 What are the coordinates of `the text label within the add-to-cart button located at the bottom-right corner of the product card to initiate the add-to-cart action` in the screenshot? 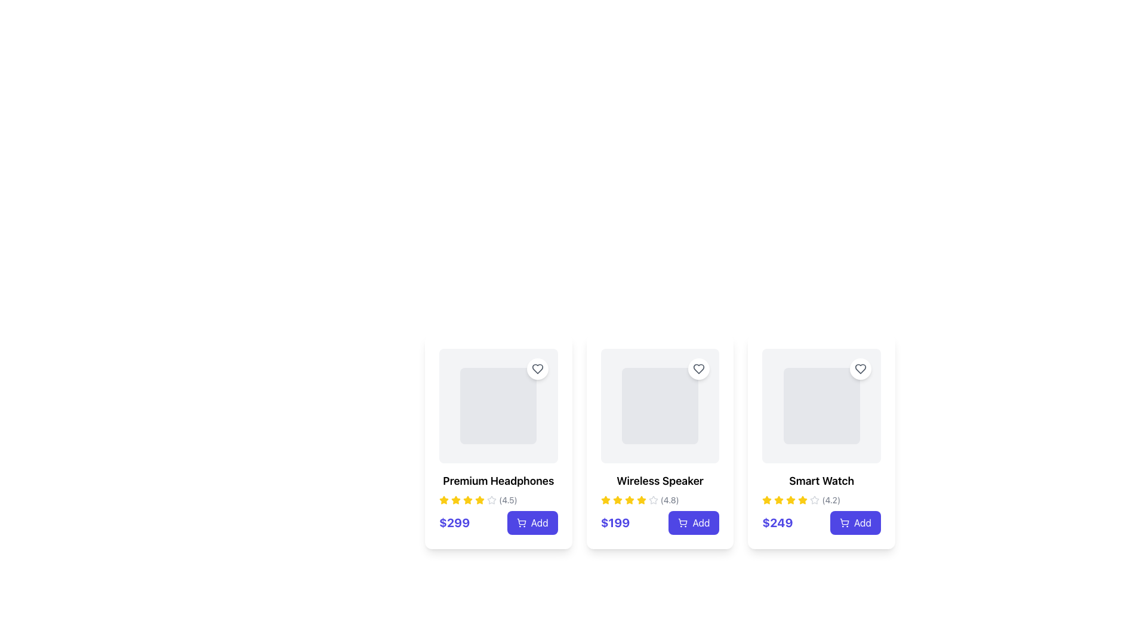 It's located at (538, 522).